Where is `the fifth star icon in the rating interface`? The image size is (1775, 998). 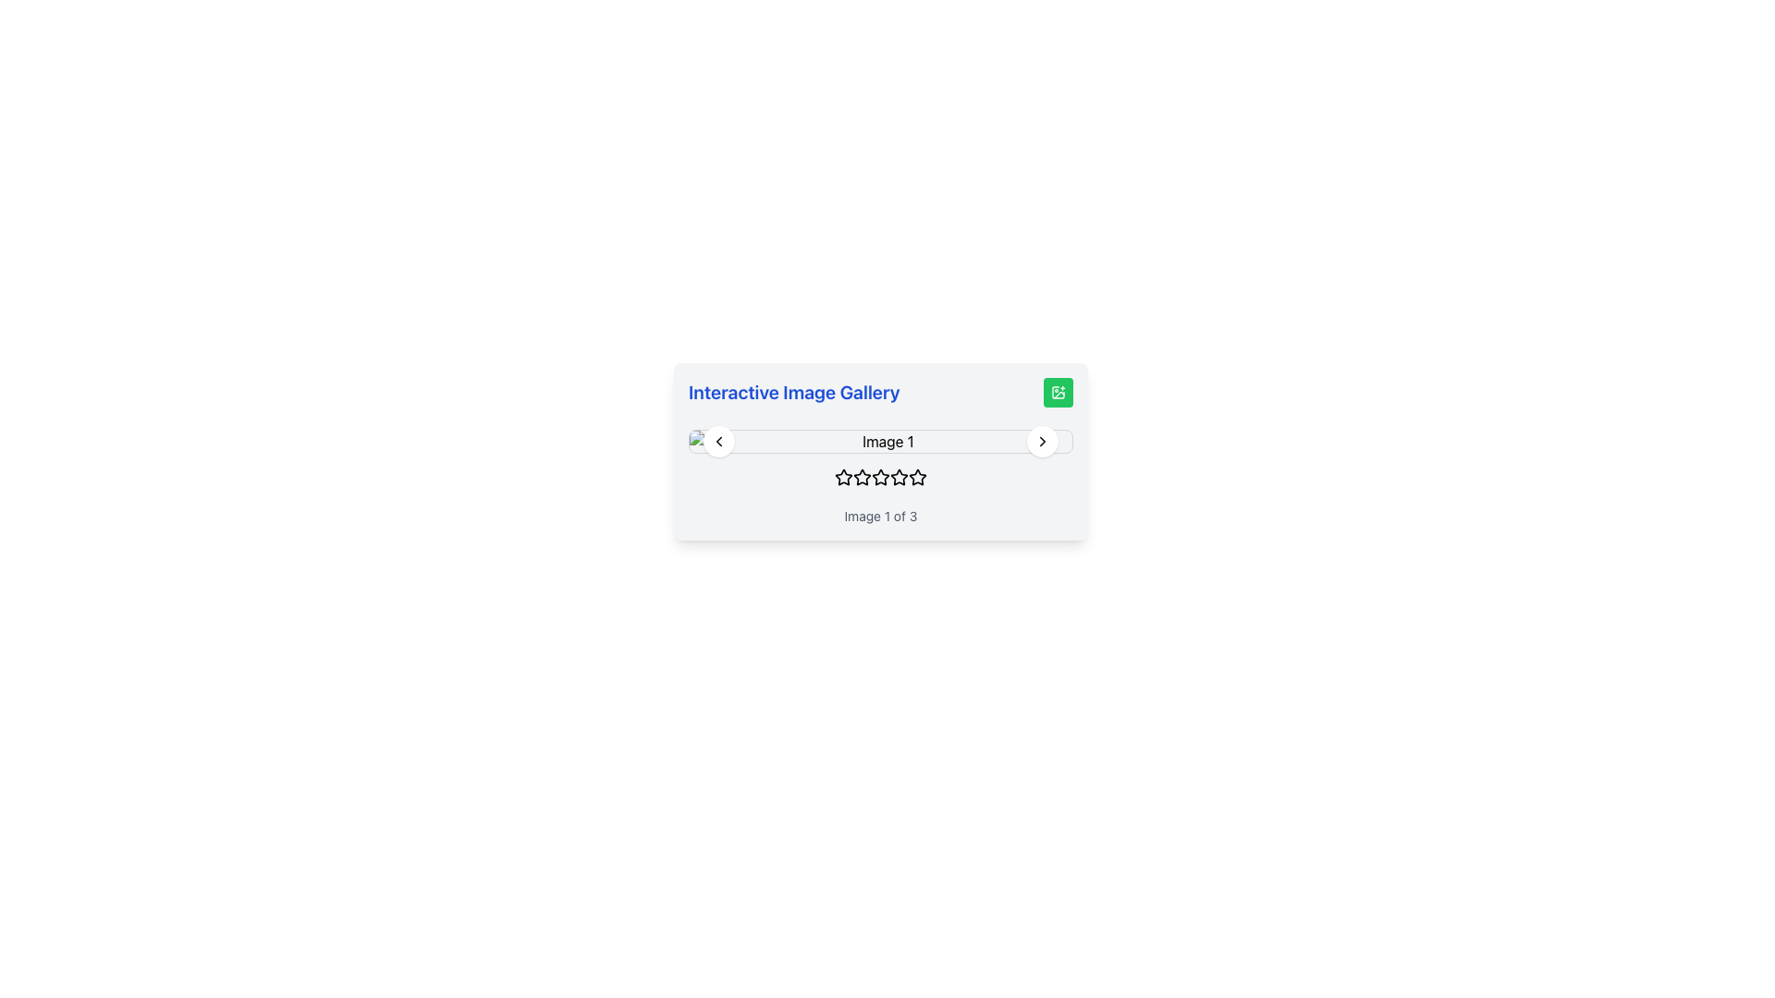 the fifth star icon in the rating interface is located at coordinates (917, 476).